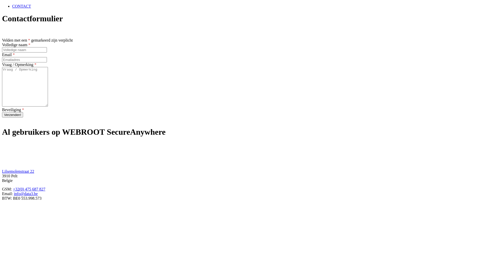 Image resolution: width=487 pixels, height=274 pixels. What do you see at coordinates (25, 194) in the screenshot?
I see `'info@data3.be'` at bounding box center [25, 194].